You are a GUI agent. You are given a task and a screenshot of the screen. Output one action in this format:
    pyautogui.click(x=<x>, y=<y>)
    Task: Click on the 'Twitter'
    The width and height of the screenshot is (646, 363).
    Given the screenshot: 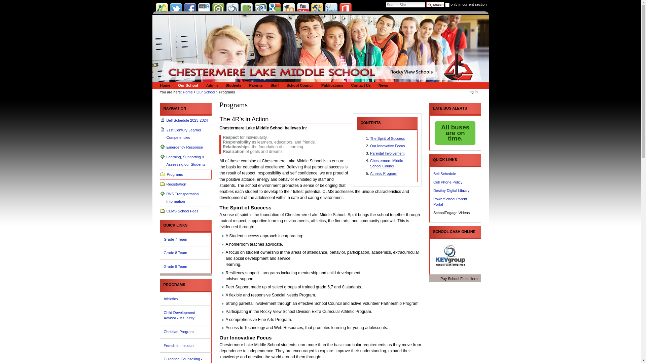 What is the action you would take?
    pyautogui.click(x=176, y=9)
    